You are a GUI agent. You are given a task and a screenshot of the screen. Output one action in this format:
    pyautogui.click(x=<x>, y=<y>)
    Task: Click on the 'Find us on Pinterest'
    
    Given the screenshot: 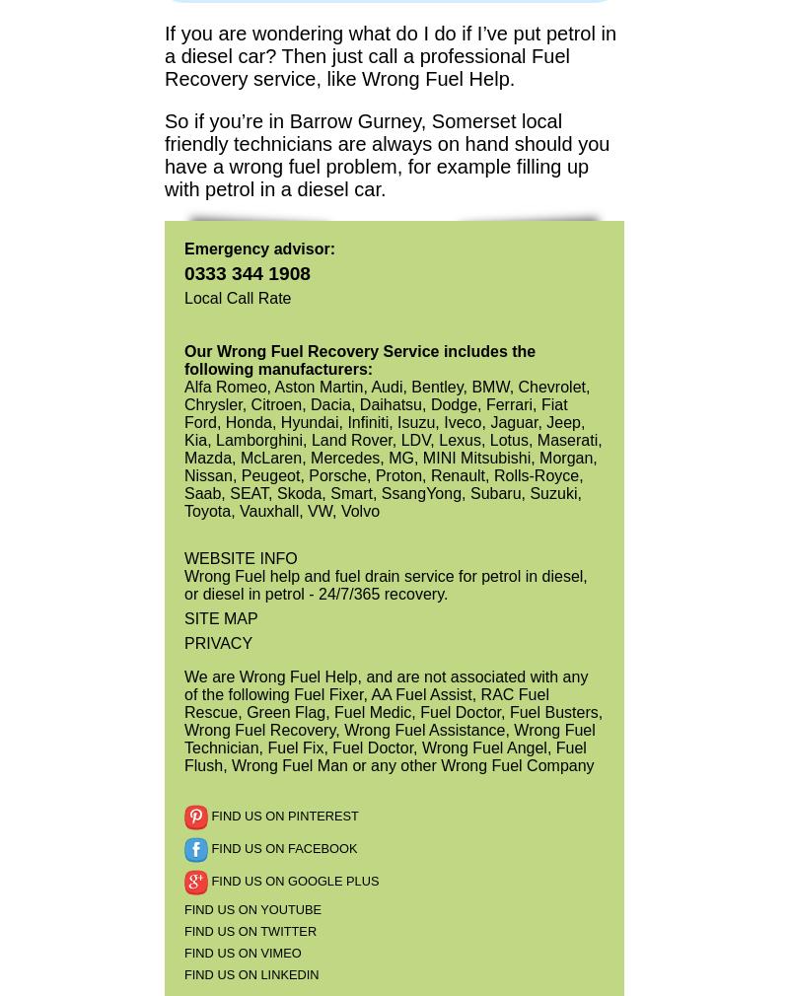 What is the action you would take?
    pyautogui.click(x=283, y=816)
    